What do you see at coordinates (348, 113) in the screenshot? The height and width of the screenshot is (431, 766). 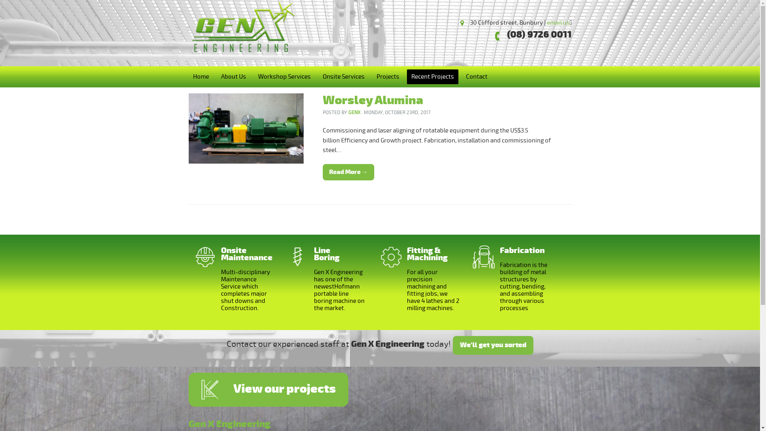 I see `'GENX'` at bounding box center [348, 113].